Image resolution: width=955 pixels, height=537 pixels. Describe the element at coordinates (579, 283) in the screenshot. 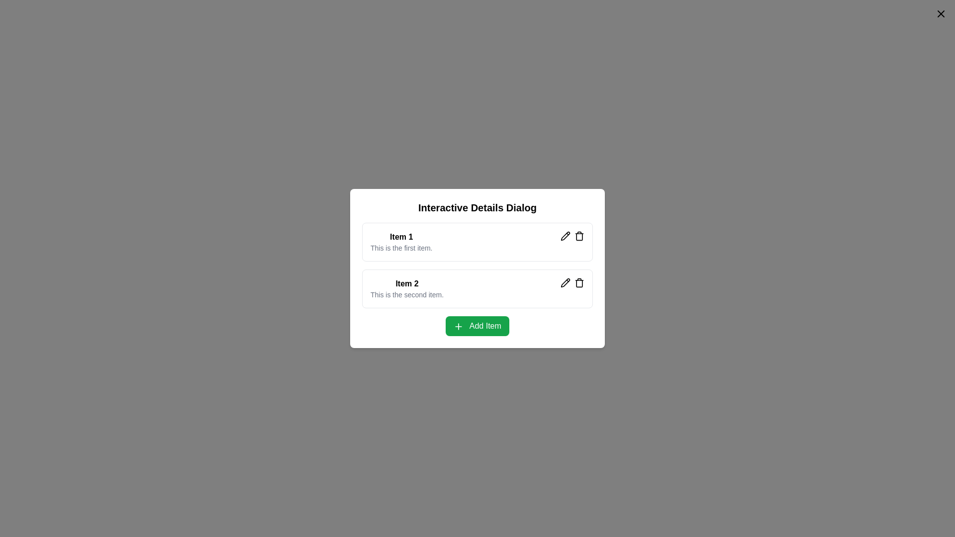

I see `the trash bin icon located in the 'Item 2' section of the 'Interactive Details Dialog'` at that location.